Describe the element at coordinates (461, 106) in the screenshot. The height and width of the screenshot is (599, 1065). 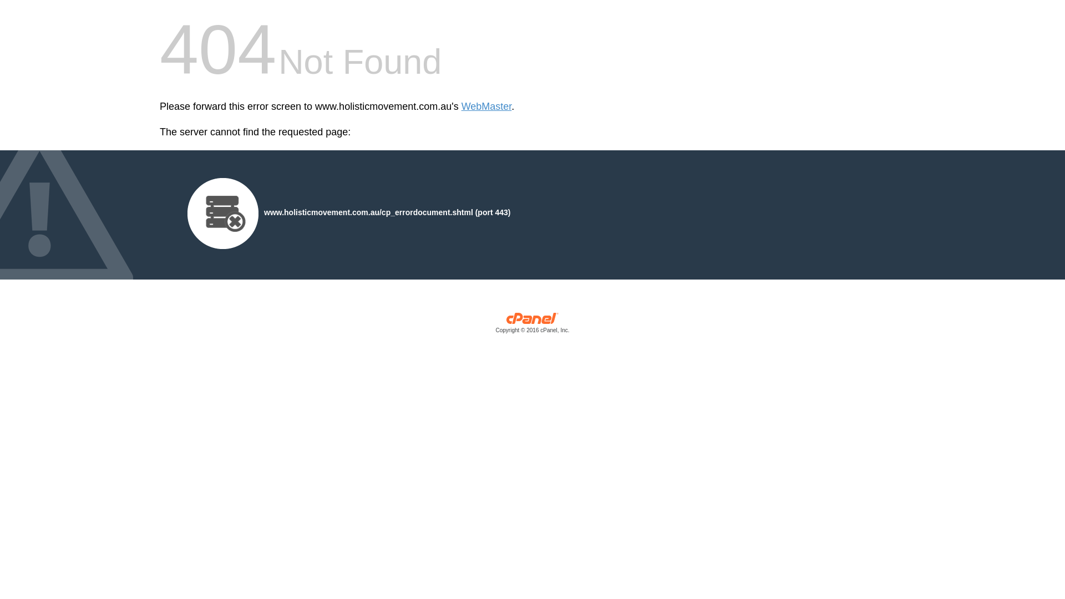
I see `'WebMaster'` at that location.